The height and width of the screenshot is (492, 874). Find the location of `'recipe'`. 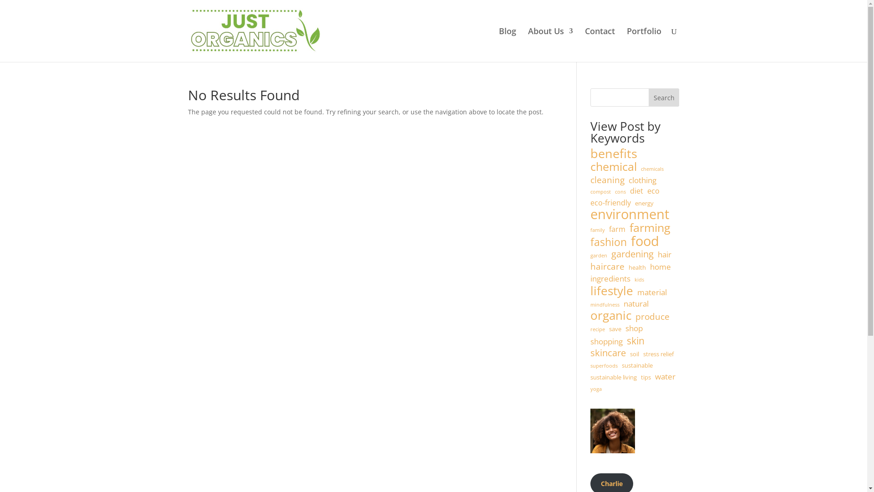

'recipe' is located at coordinates (598, 330).